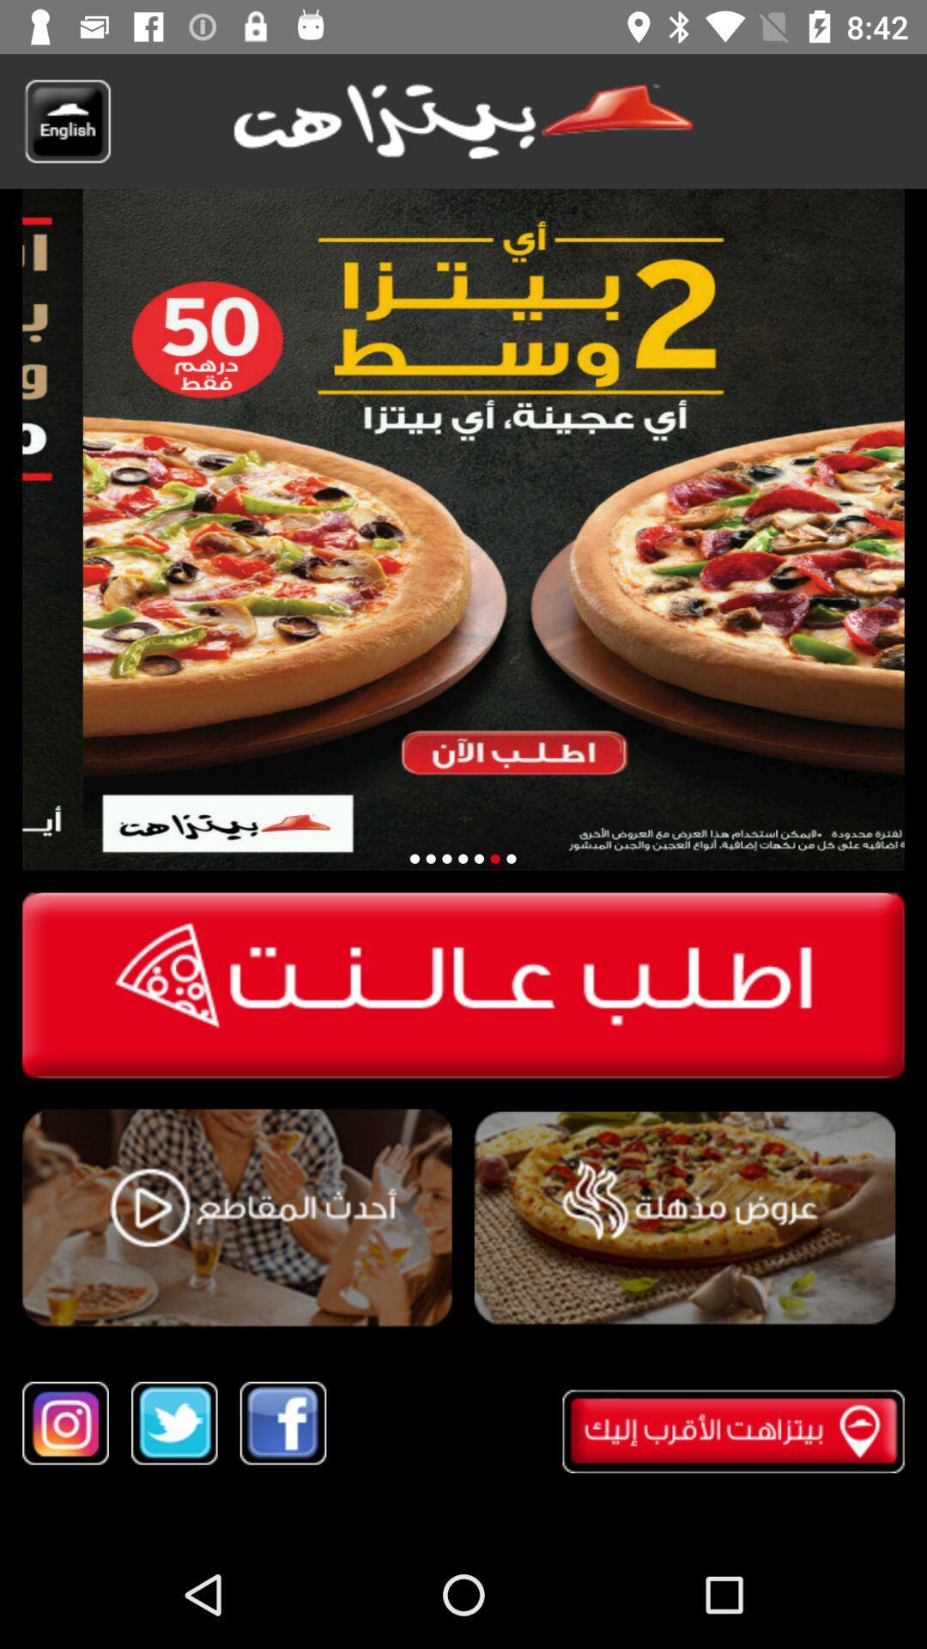  Describe the element at coordinates (684, 1218) in the screenshot. I see `list menu` at that location.